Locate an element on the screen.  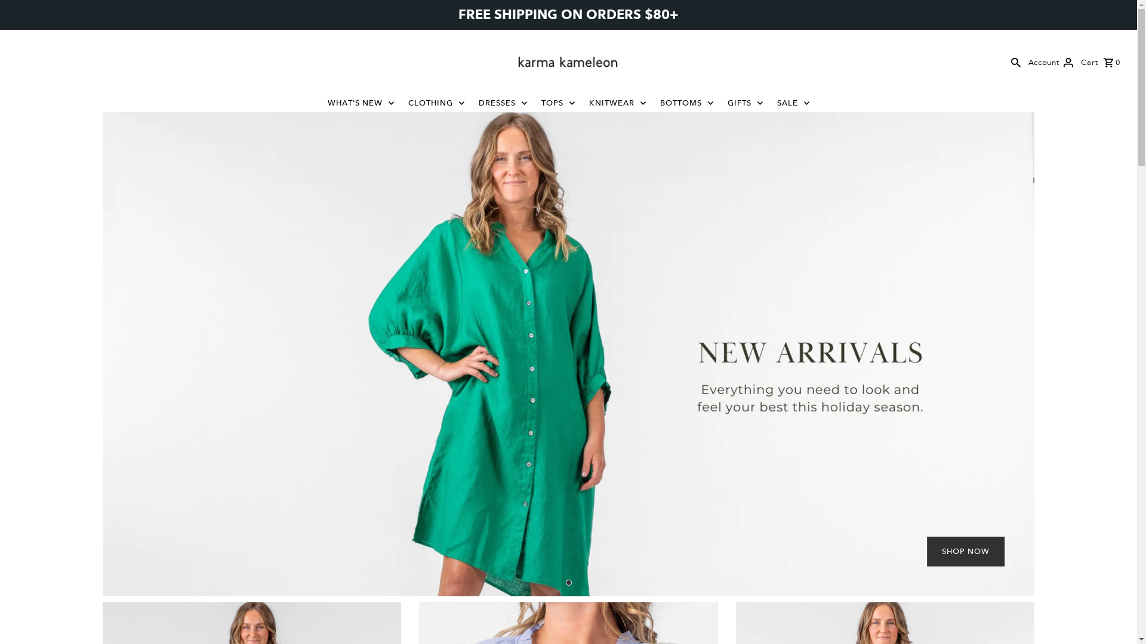
'DRESSES' is located at coordinates (503, 103).